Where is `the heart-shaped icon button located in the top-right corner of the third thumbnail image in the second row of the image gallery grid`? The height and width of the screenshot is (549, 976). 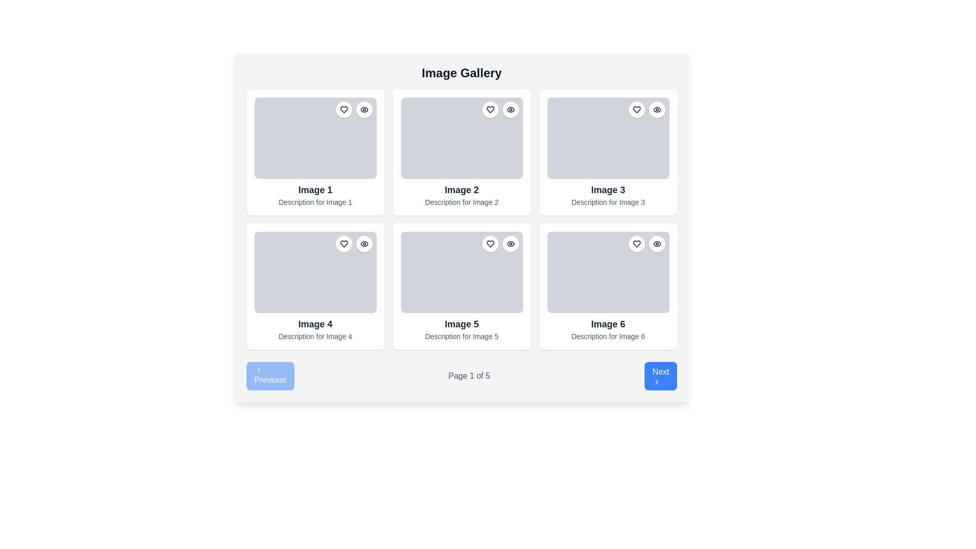 the heart-shaped icon button located in the top-right corner of the third thumbnail image in the second row of the image gallery grid is located at coordinates (636, 110).